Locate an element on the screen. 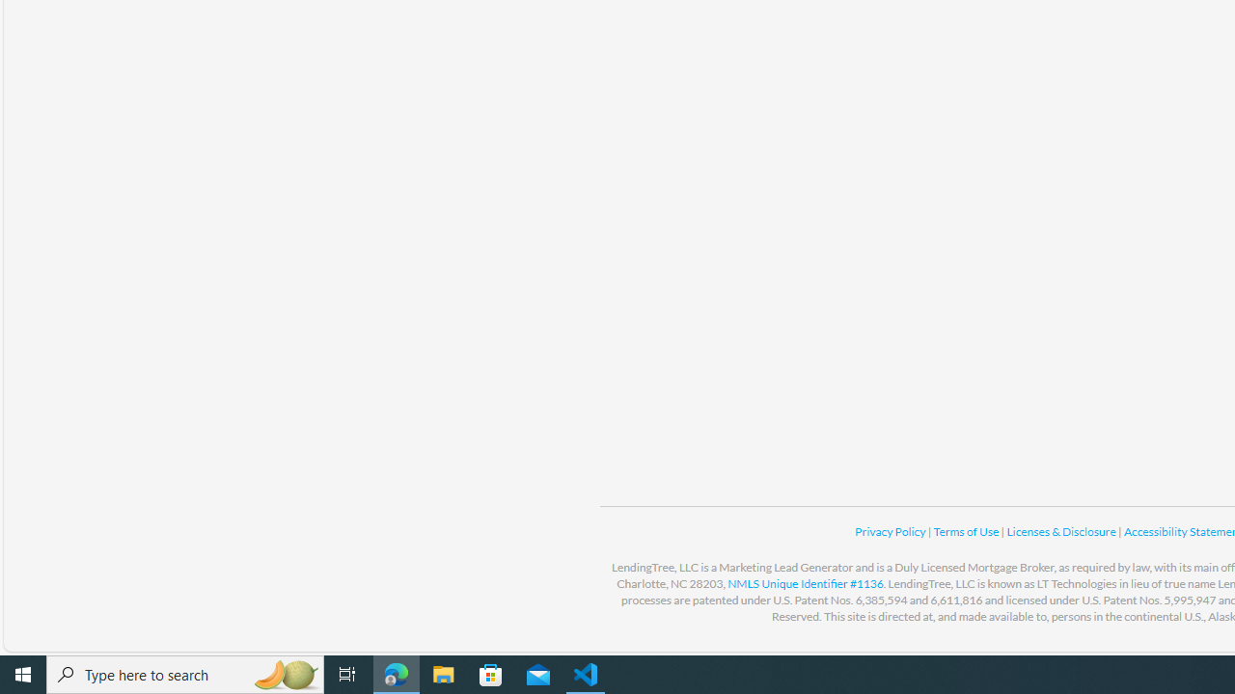 Image resolution: width=1235 pixels, height=694 pixels. 'Licenses & Disclosure ' is located at coordinates (1060, 531).